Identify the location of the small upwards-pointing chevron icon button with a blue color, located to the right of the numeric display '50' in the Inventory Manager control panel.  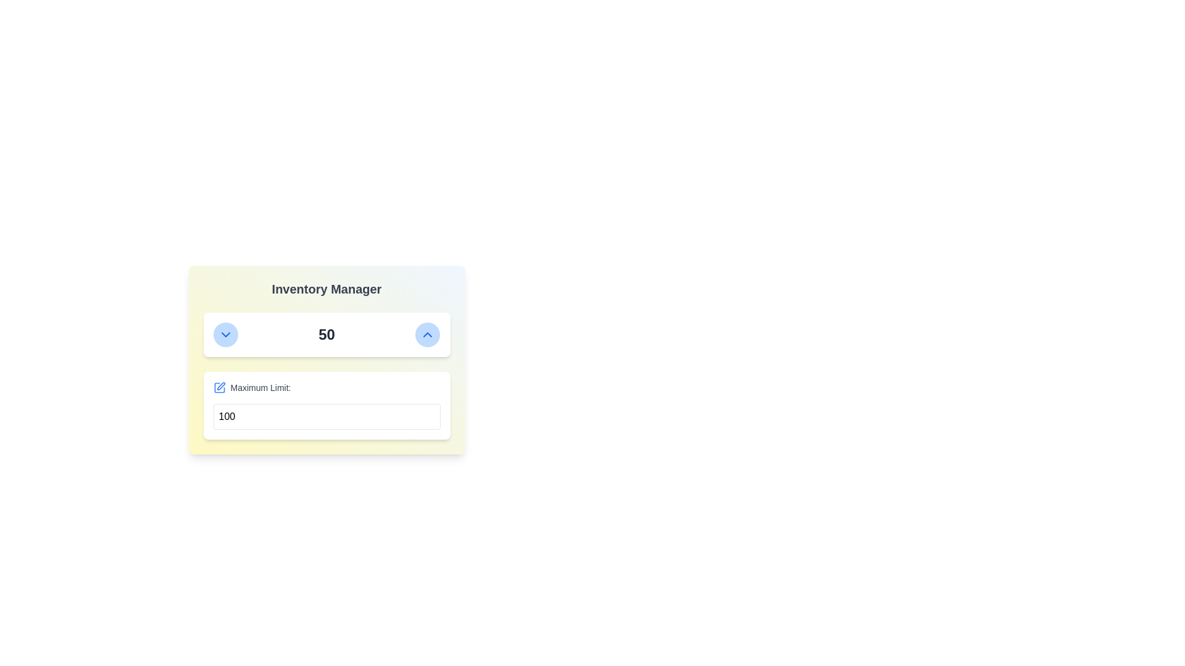
(428, 335).